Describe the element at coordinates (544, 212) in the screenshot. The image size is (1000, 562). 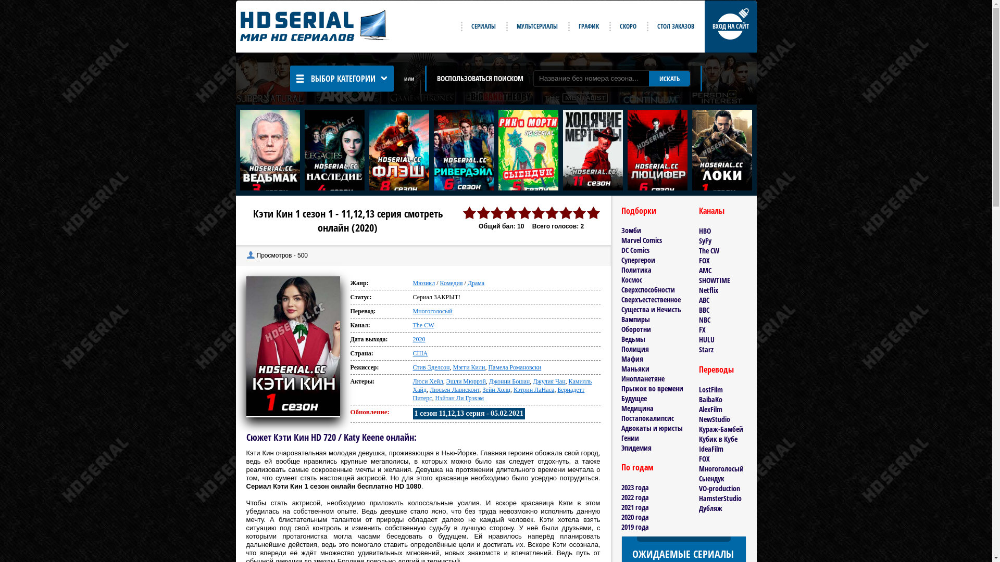
I see `'7'` at that location.